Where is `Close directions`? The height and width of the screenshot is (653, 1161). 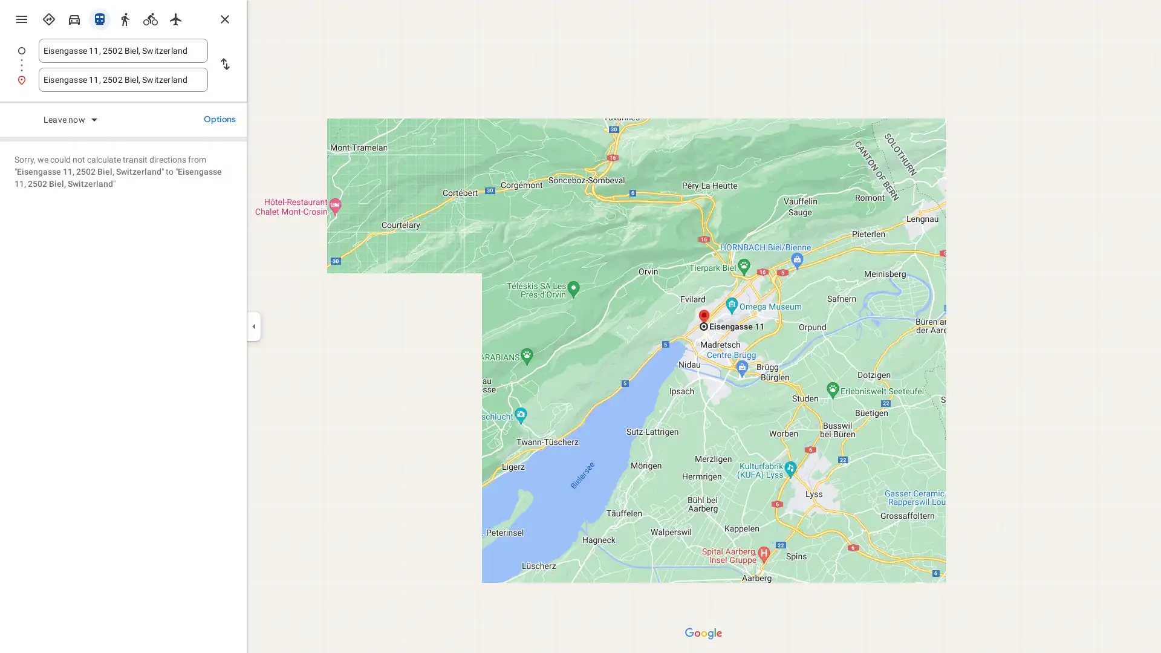
Close directions is located at coordinates (226, 19).